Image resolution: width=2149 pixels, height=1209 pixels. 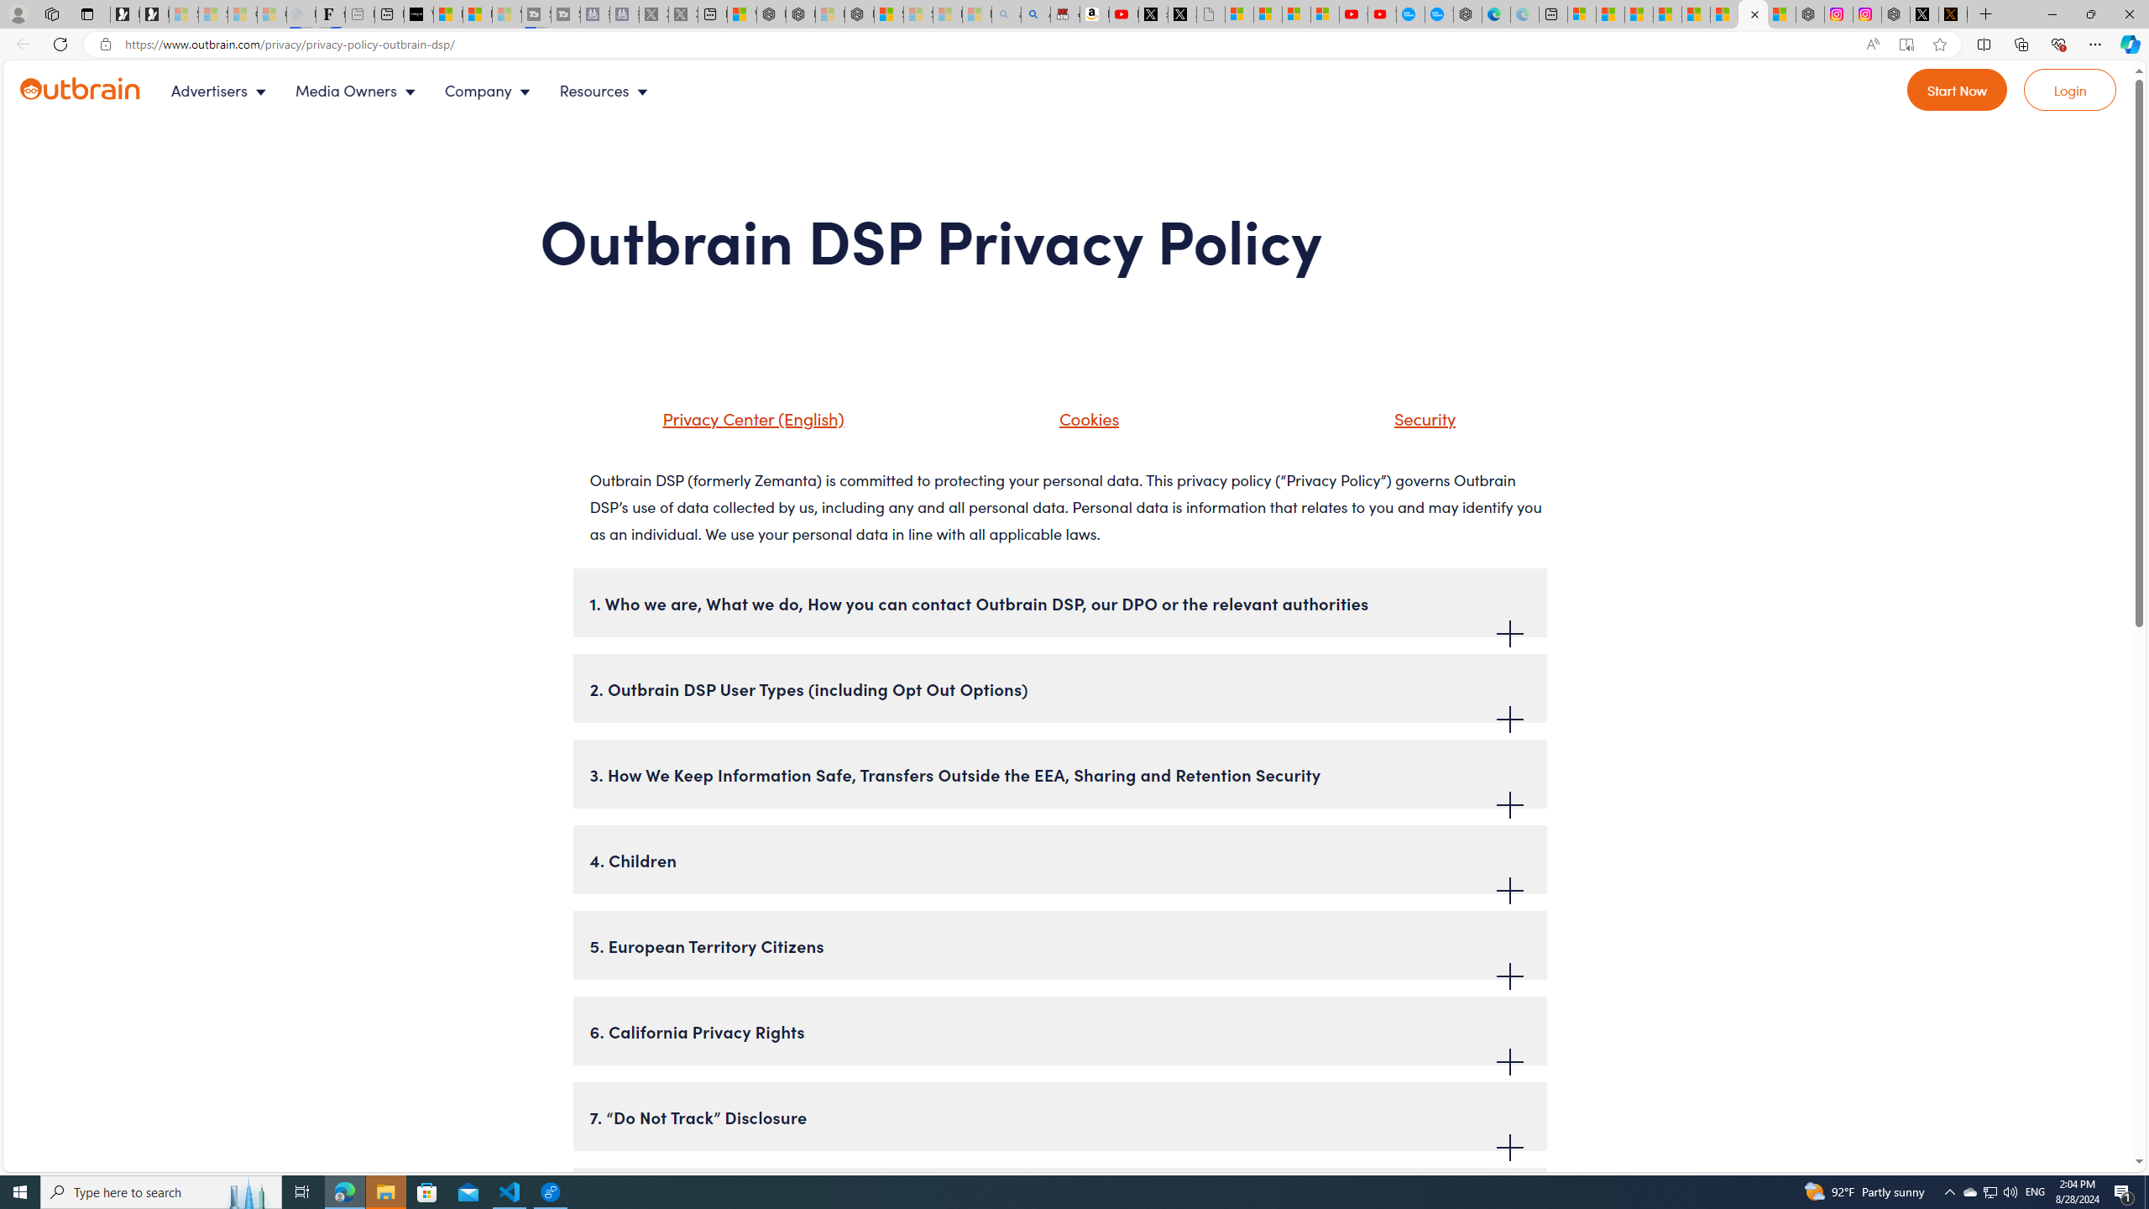 What do you see at coordinates (1403, 424) in the screenshot?
I see `'Security'` at bounding box center [1403, 424].